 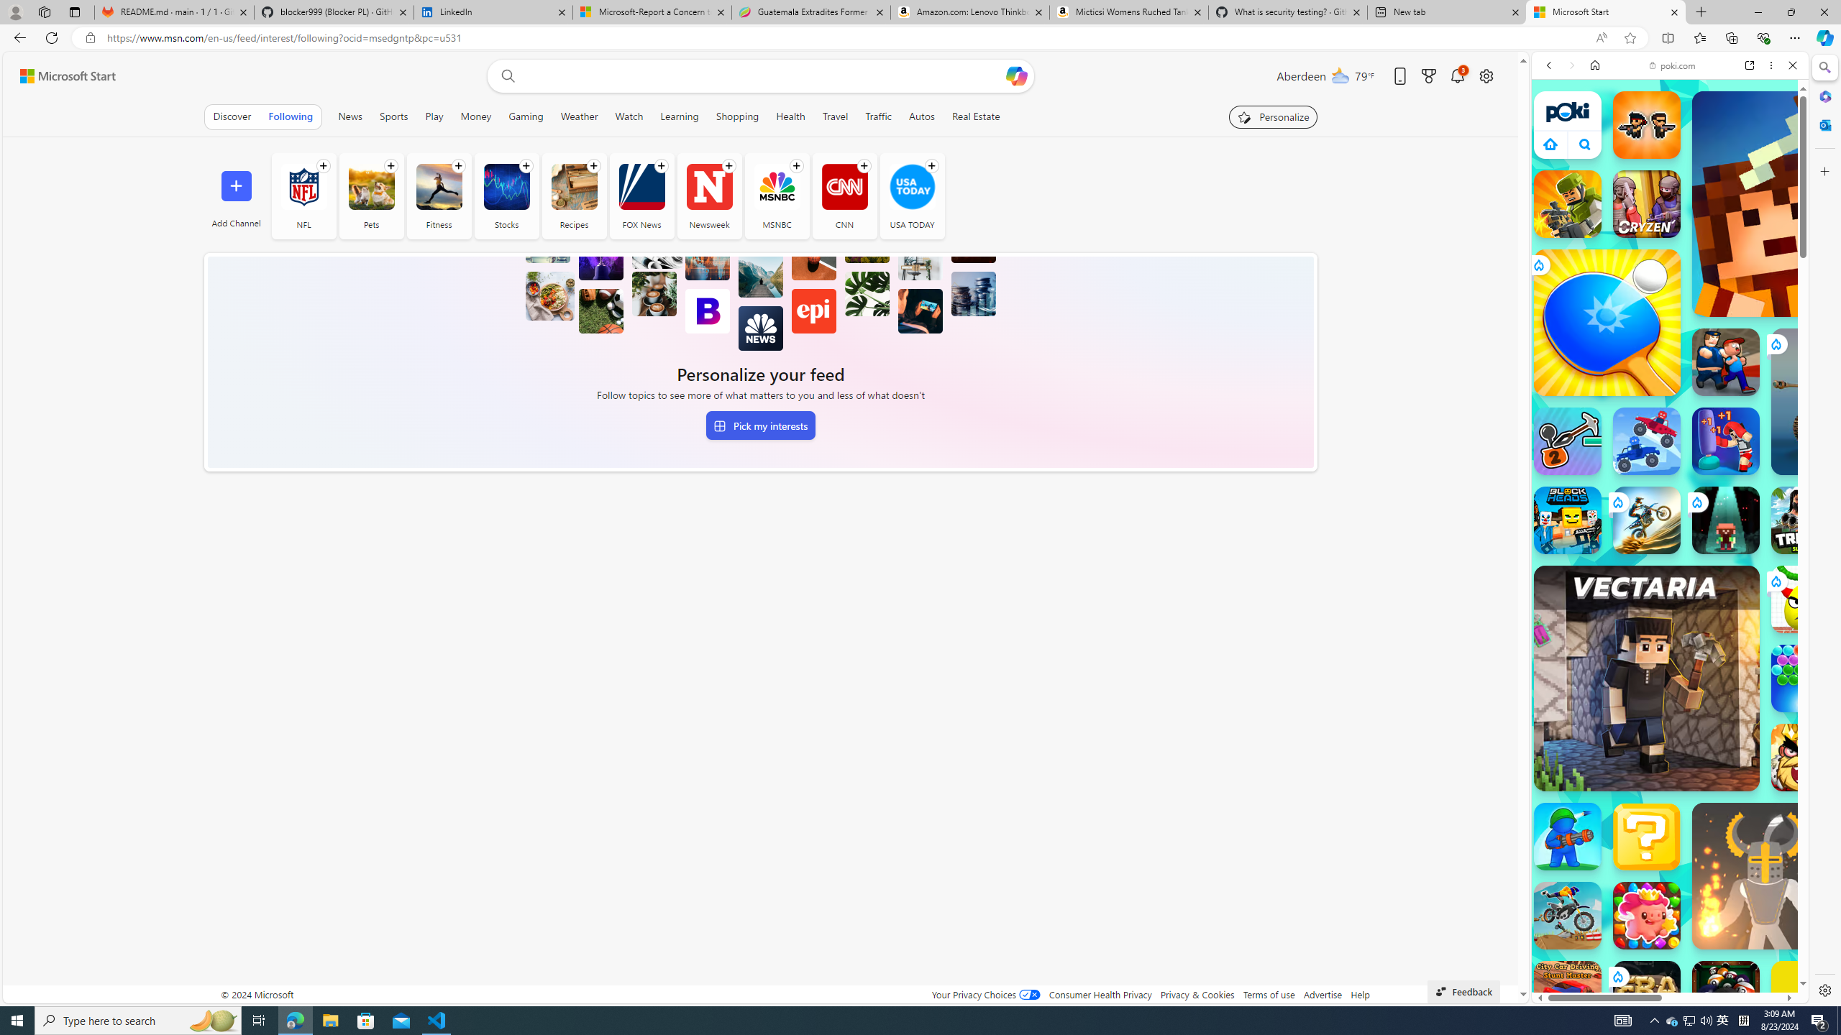 I want to click on 'Ragdoll Hit', so click(x=1765, y=875).